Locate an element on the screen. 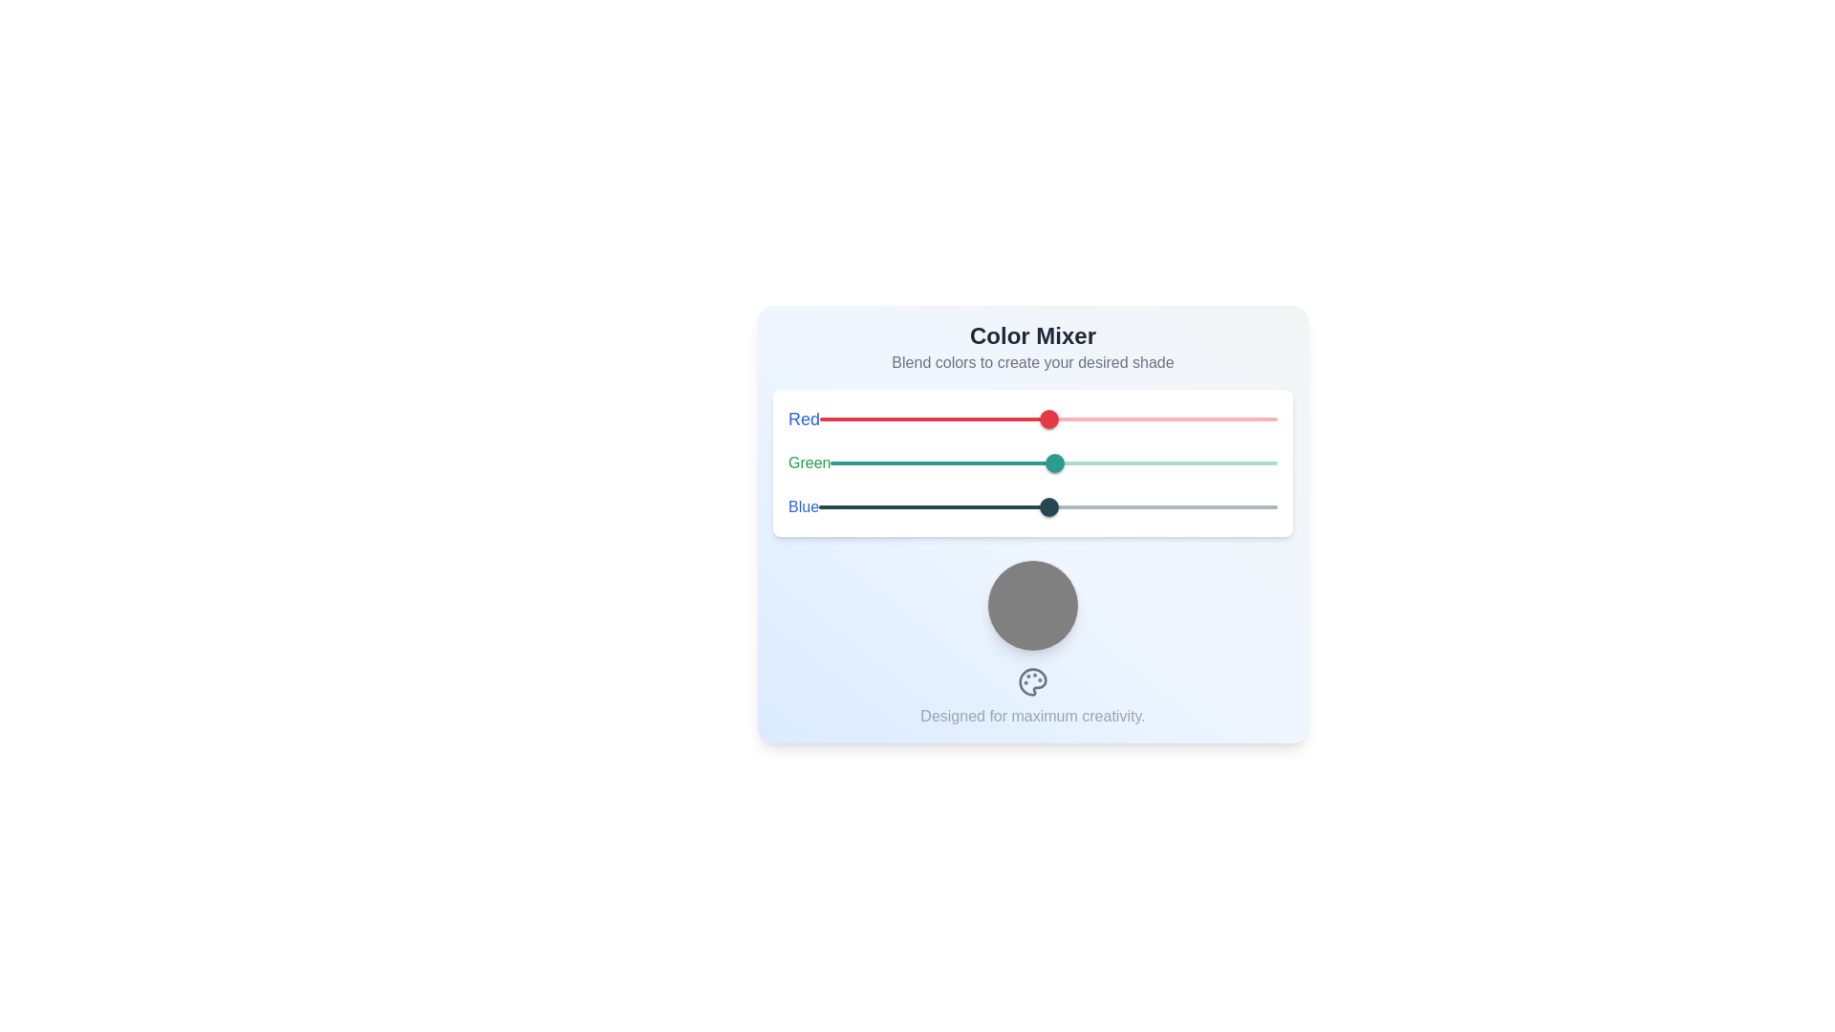  the red component of the color is located at coordinates (1043, 419).